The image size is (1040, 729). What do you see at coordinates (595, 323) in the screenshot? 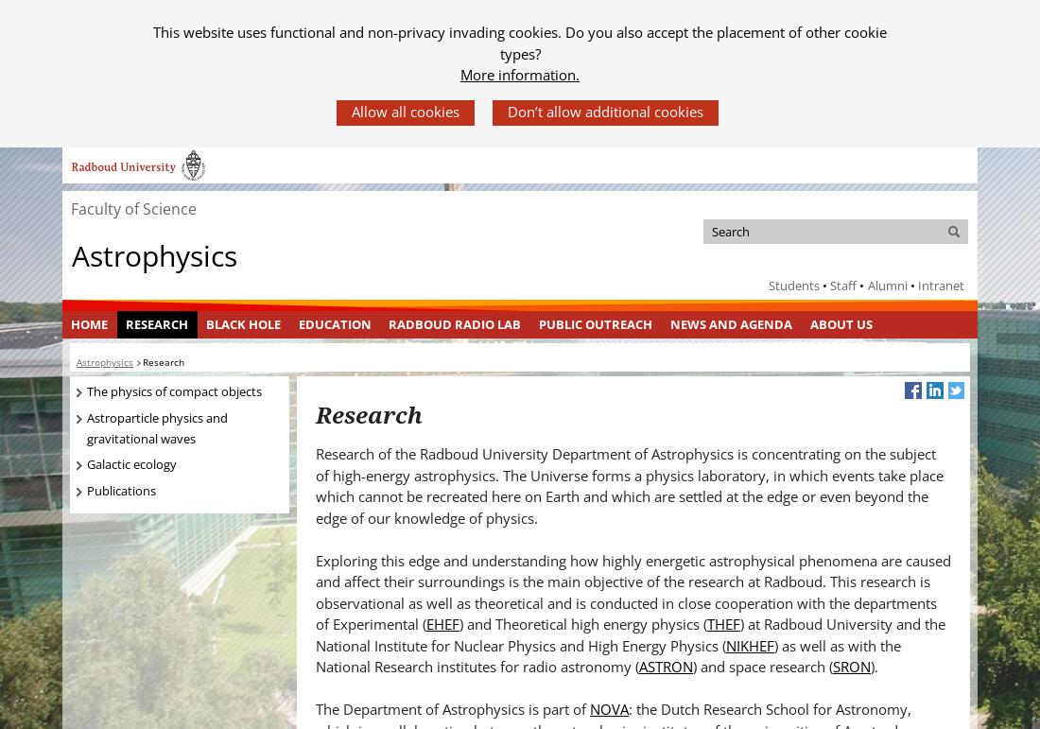
I see `'Public Outreach'` at bounding box center [595, 323].